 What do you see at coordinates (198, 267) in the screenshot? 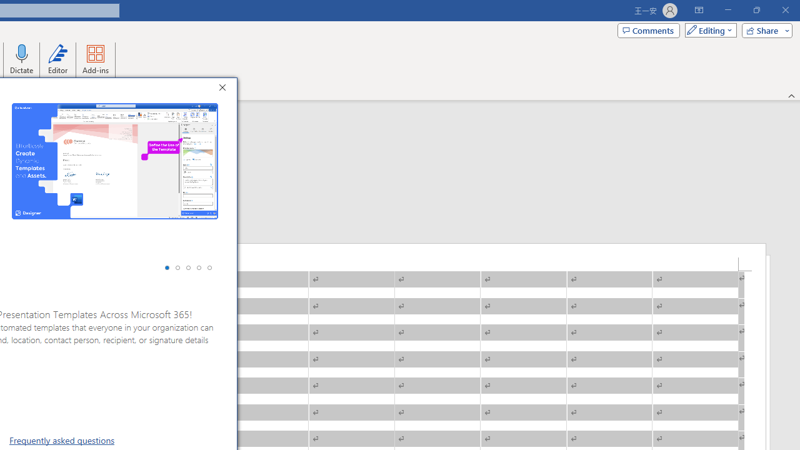
I see `'Go to screenshot 4'` at bounding box center [198, 267].